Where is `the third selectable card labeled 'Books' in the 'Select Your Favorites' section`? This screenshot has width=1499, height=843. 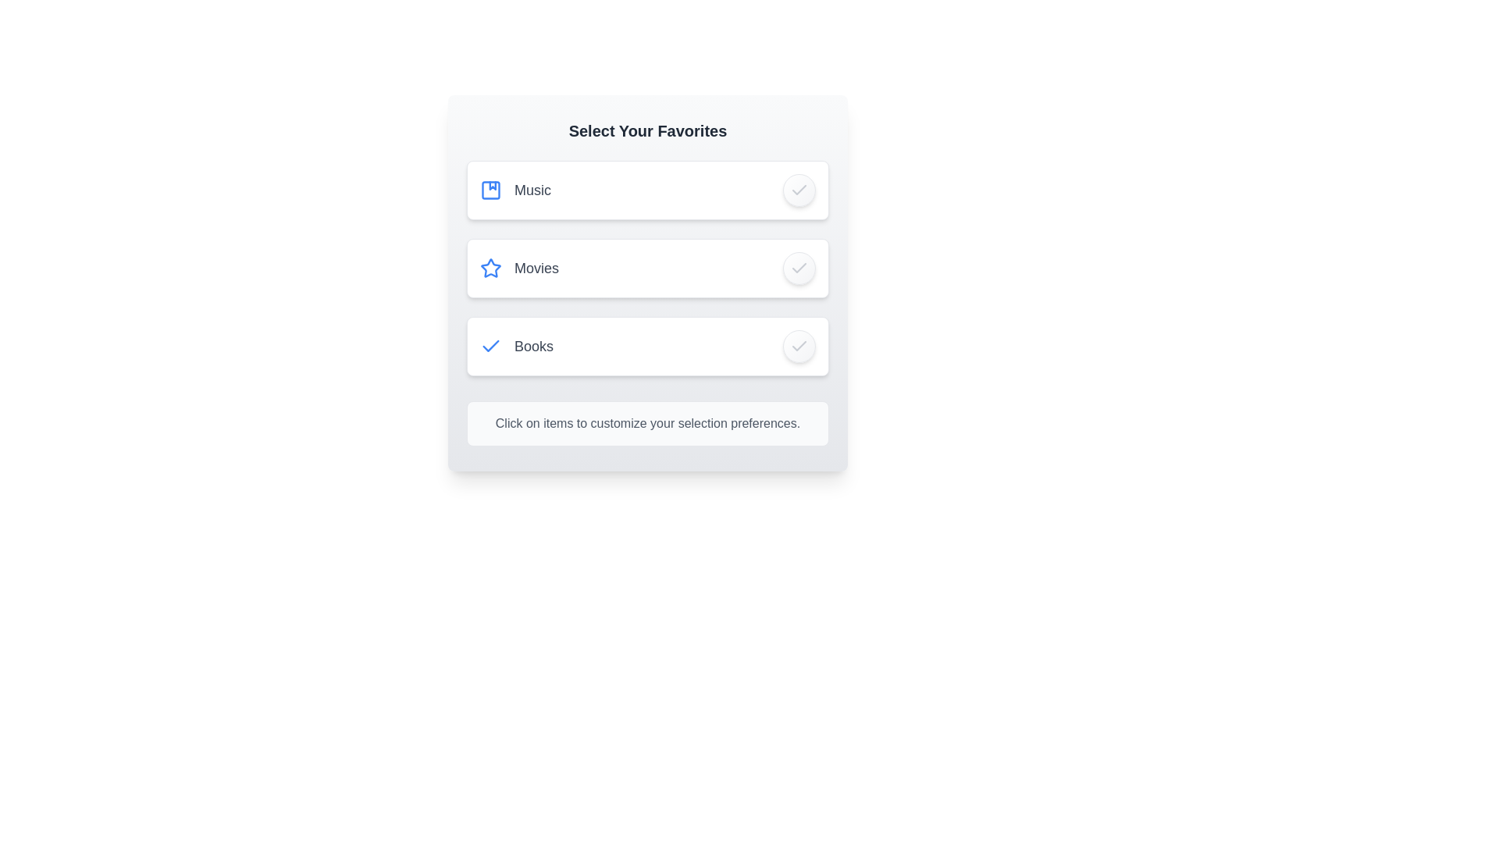 the third selectable card labeled 'Books' in the 'Select Your Favorites' section is located at coordinates (648, 345).